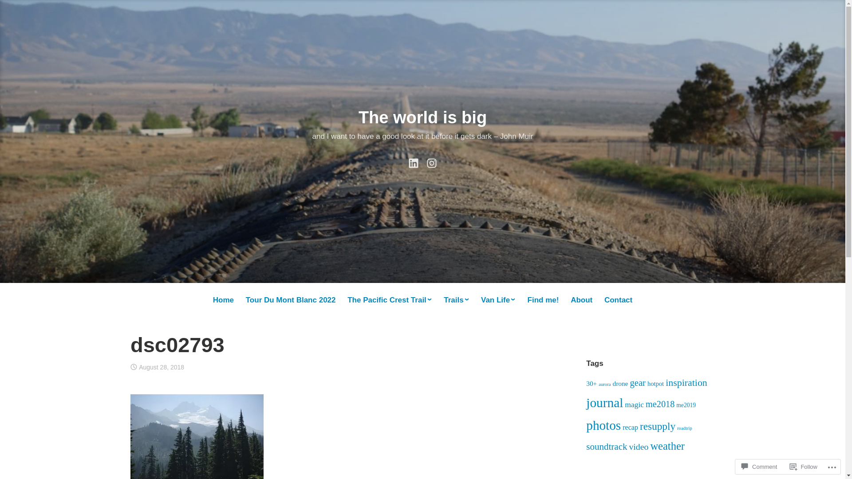 This screenshot has width=852, height=479. Describe the element at coordinates (758, 466) in the screenshot. I see `'Comment'` at that location.